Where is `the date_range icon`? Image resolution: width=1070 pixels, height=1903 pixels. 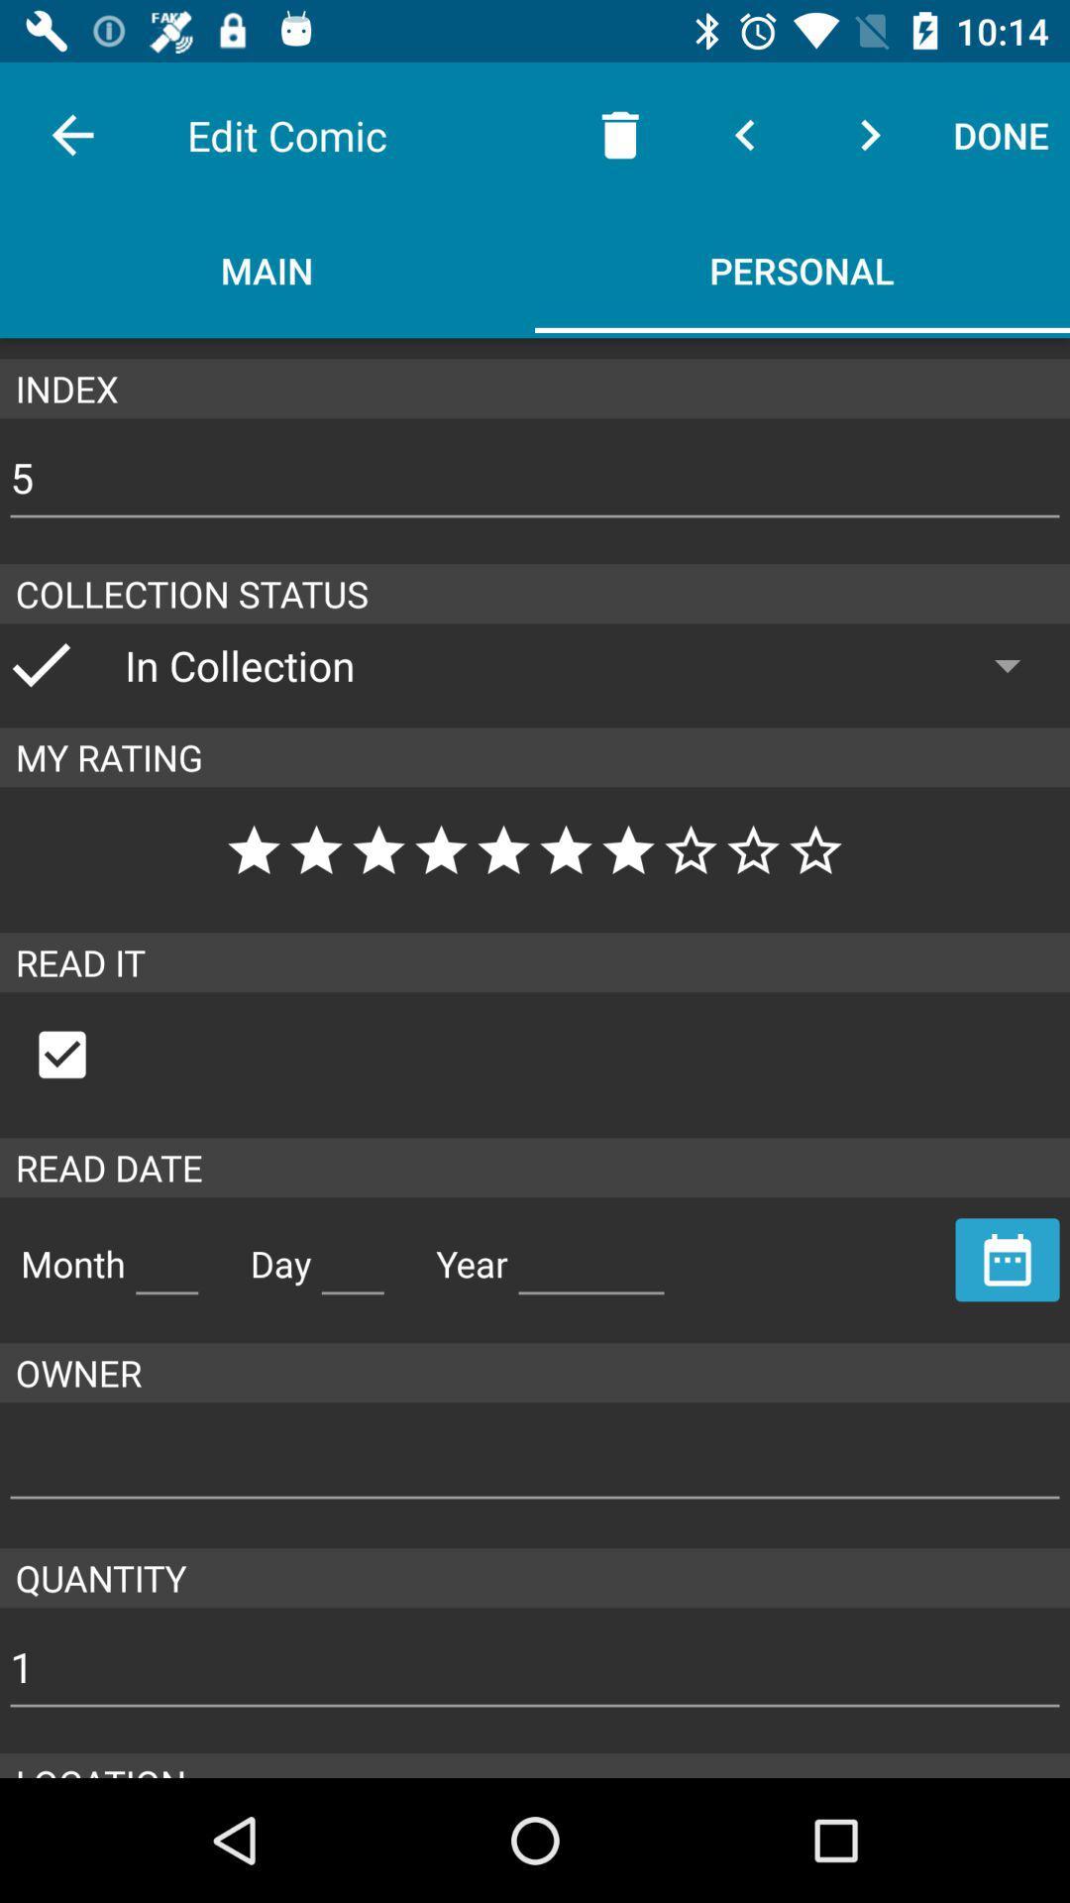
the date_range icon is located at coordinates (1008, 1259).